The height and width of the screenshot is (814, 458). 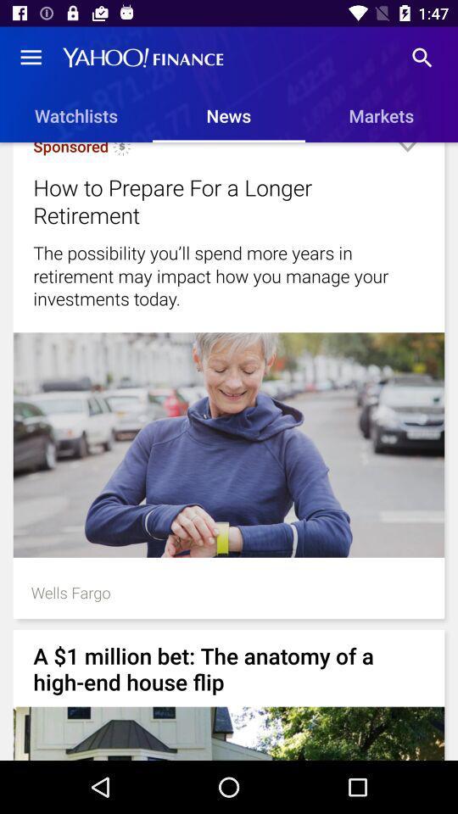 I want to click on the icon above the the possibility you item, so click(x=406, y=153).